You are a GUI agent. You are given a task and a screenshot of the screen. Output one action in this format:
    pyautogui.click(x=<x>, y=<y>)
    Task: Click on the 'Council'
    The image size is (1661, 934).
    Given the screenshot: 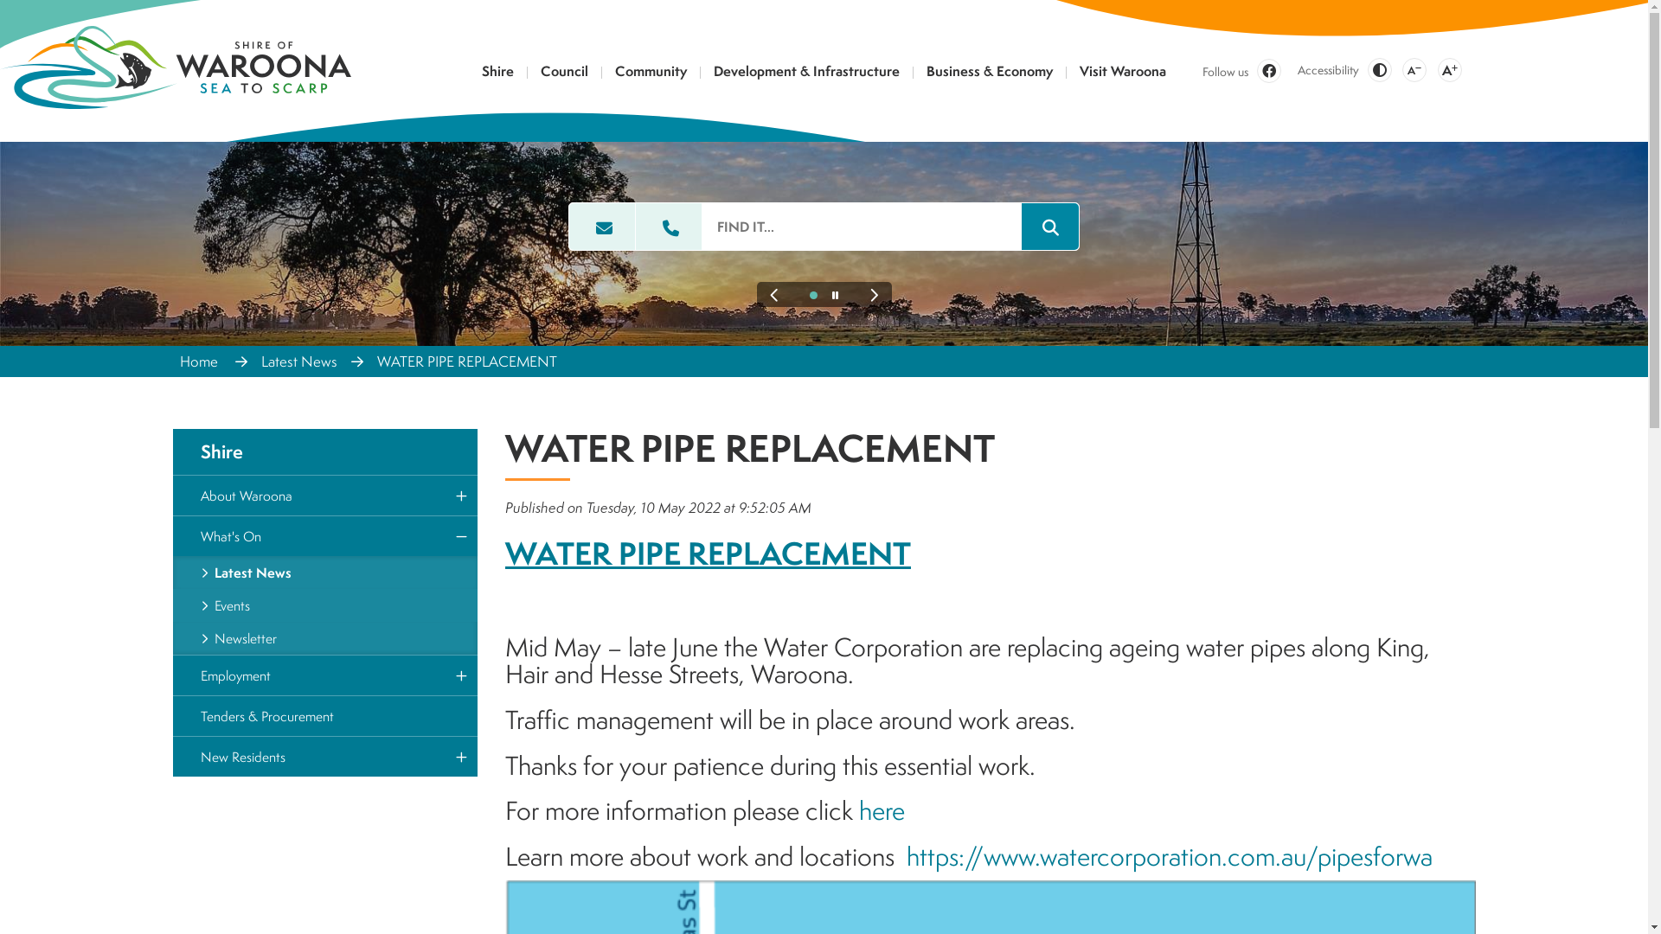 What is the action you would take?
    pyautogui.click(x=564, y=75)
    